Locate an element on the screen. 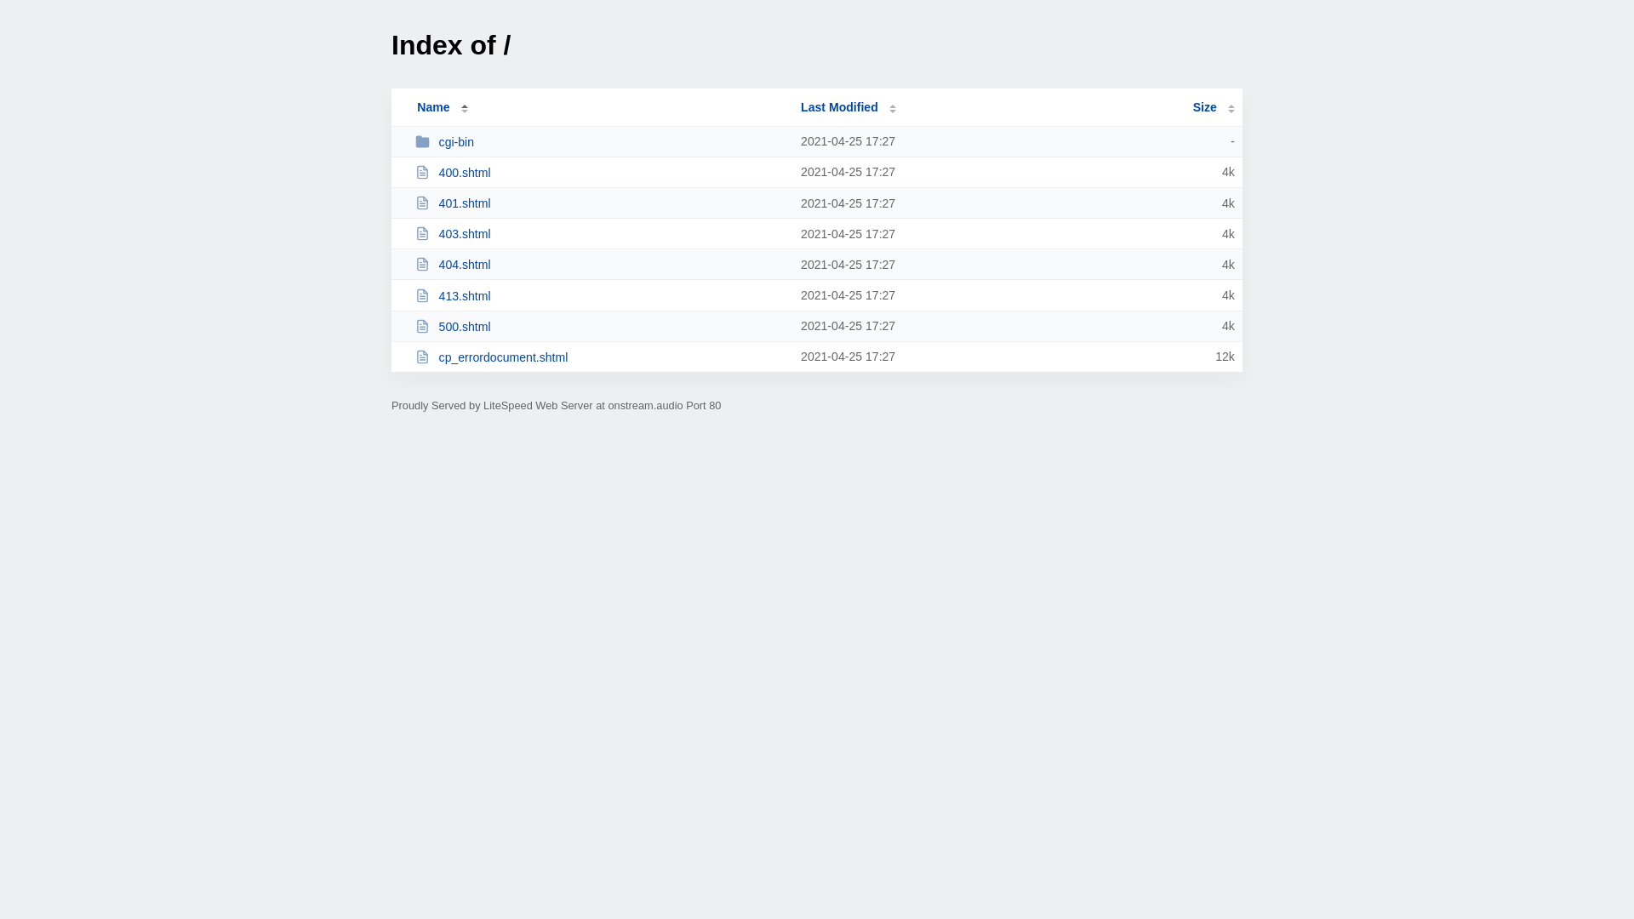  '401.shtml' is located at coordinates (600, 202).